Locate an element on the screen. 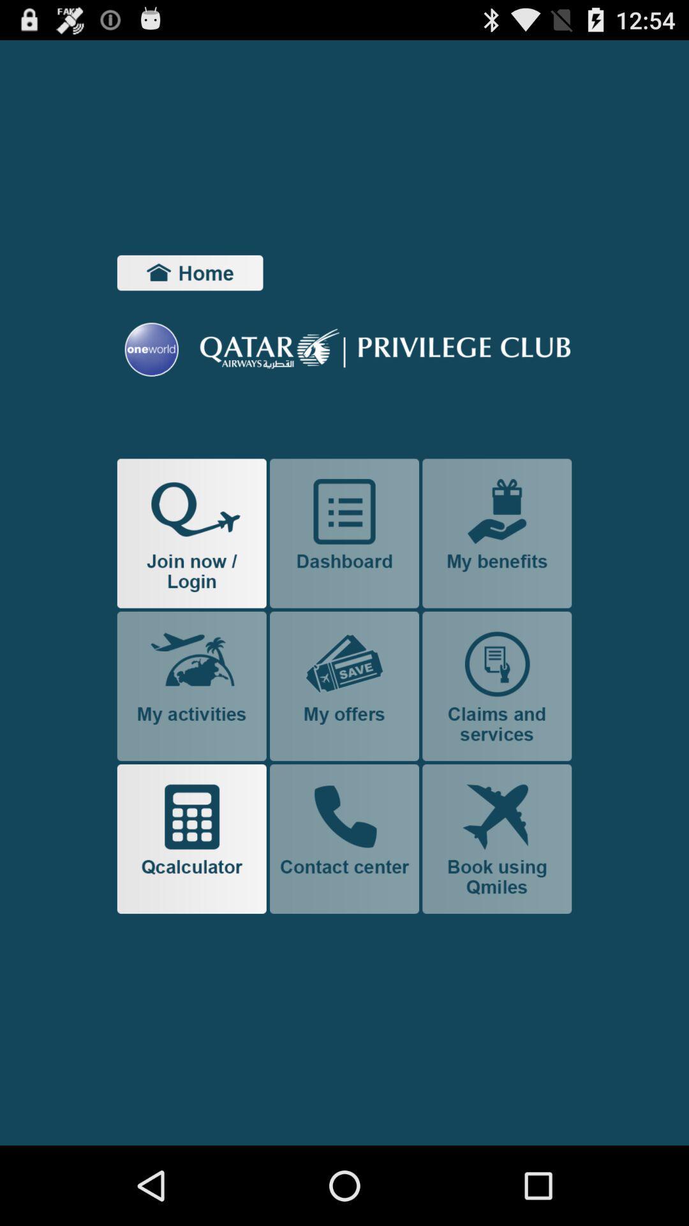 This screenshot has width=689, height=1226. item at the top left corner is located at coordinates (190, 272).